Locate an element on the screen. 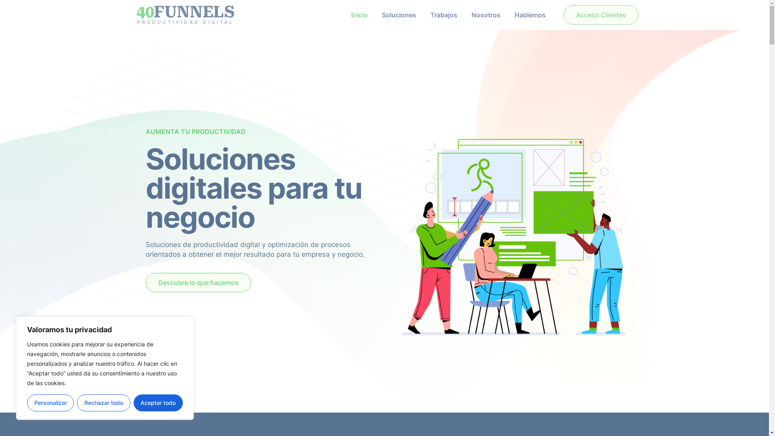 The height and width of the screenshot is (436, 775). 'Soluciones' is located at coordinates (399, 15).